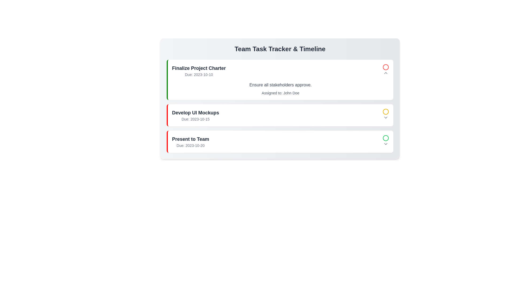 This screenshot has height=288, width=513. What do you see at coordinates (386, 70) in the screenshot?
I see `the red circular icon with a triangular pointer located at the top-right corner of the 'Finalize Project Charter' card` at bounding box center [386, 70].